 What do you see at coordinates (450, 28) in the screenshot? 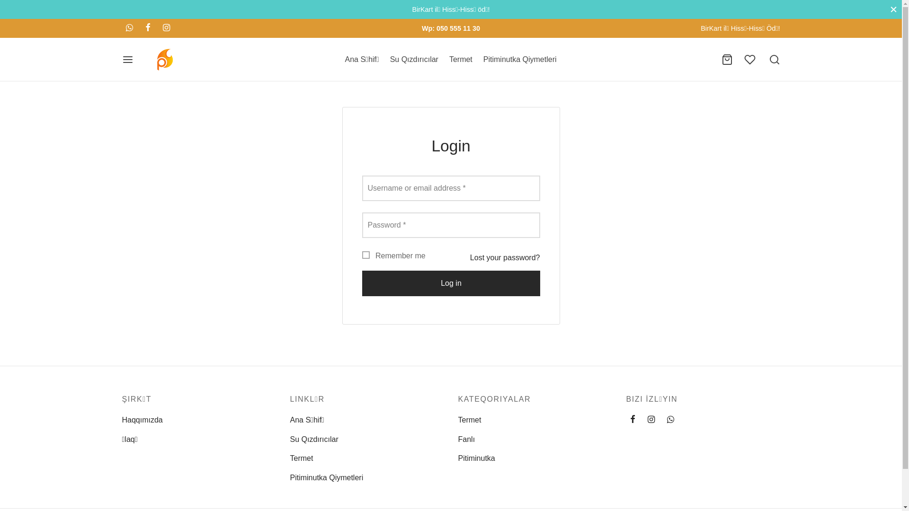
I see `'Wp: 050 555 11 30'` at bounding box center [450, 28].